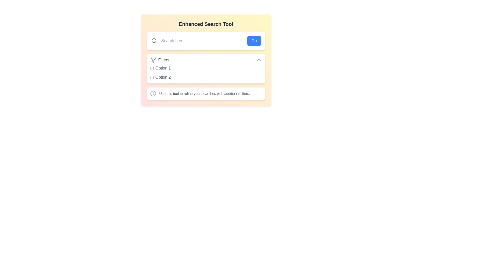 The width and height of the screenshot is (488, 274). Describe the element at coordinates (153, 60) in the screenshot. I see `the triangular funnel-shaped Decorative Icon located in the 'Filters' section, positioned to the left of the text label` at that location.